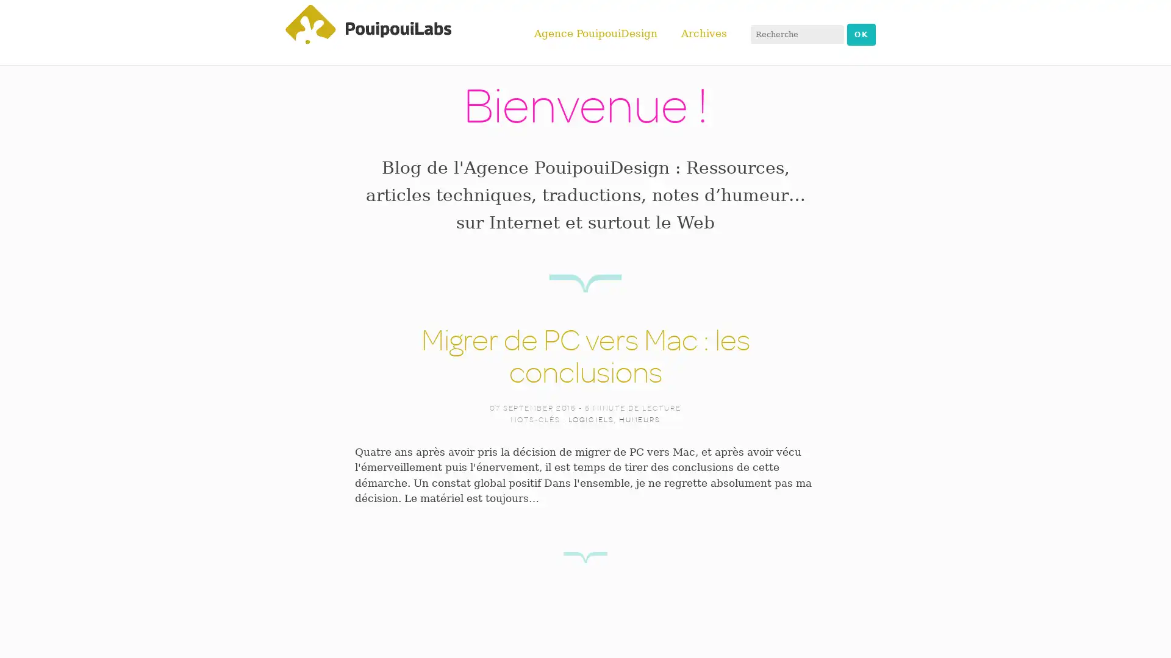 The width and height of the screenshot is (1171, 658). What do you see at coordinates (860, 34) in the screenshot?
I see `OK` at bounding box center [860, 34].